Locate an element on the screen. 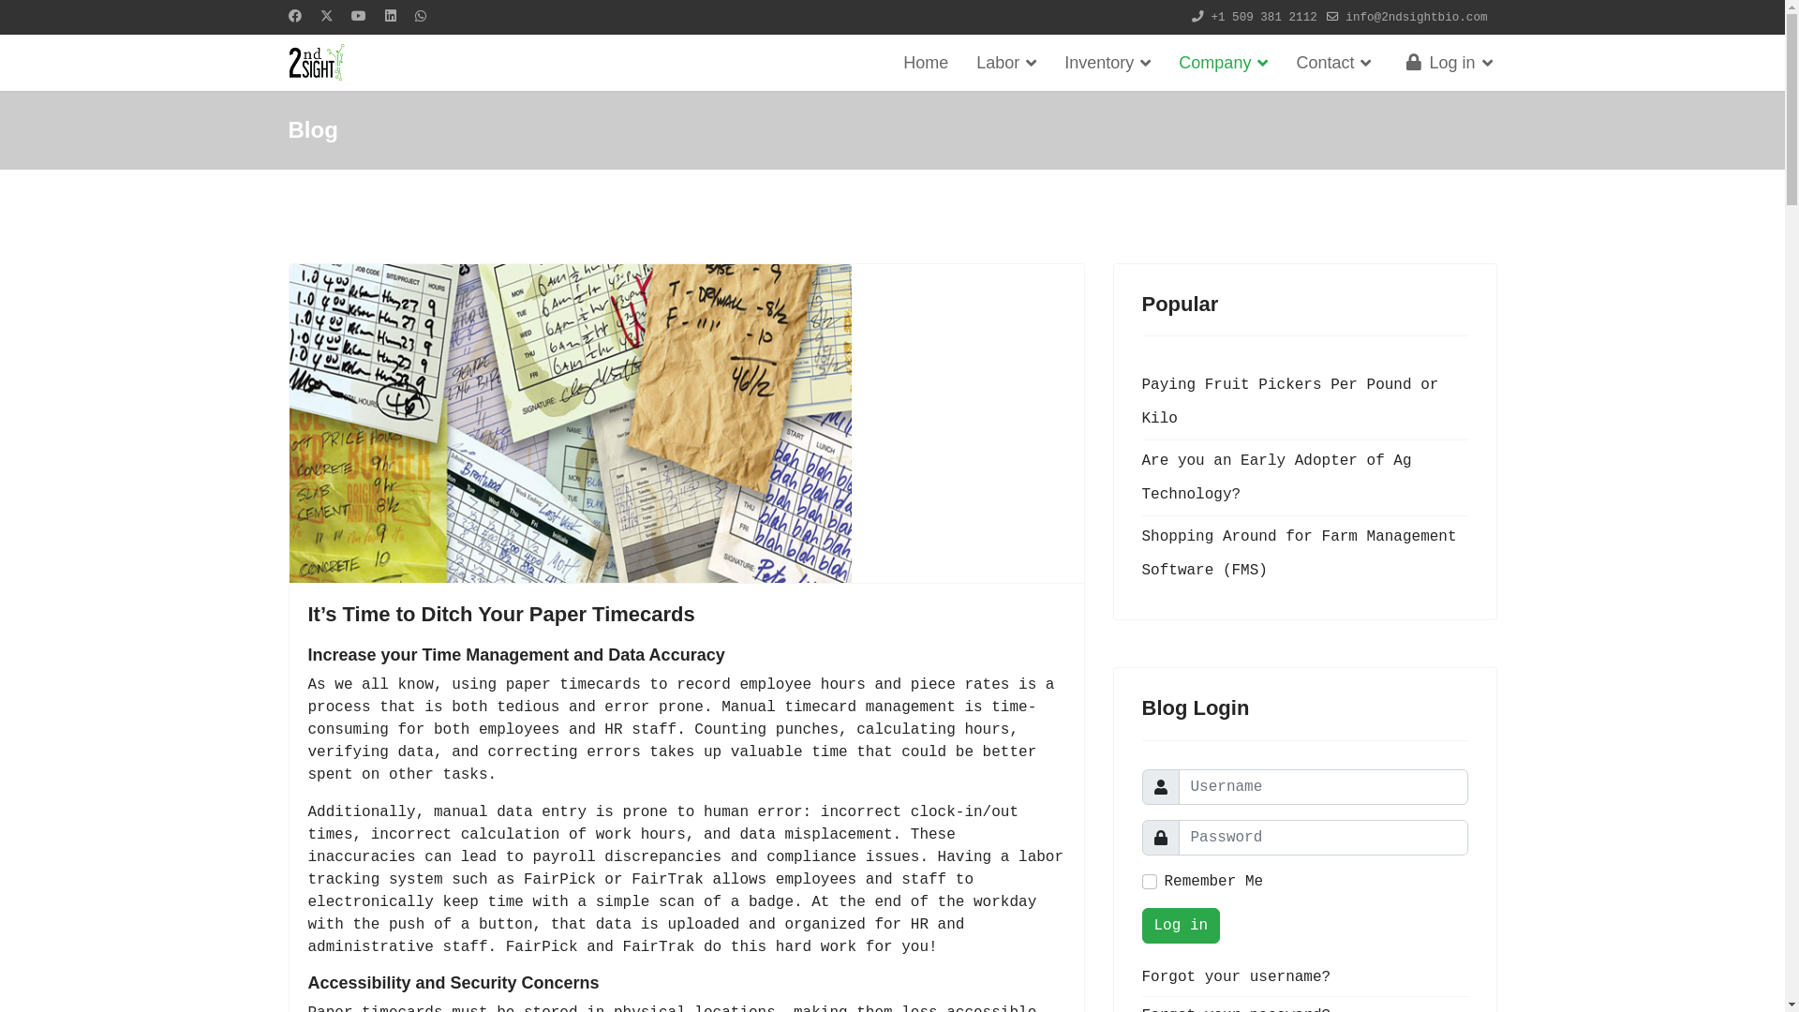  'info@2ndsightbio.com' is located at coordinates (1416, 18).